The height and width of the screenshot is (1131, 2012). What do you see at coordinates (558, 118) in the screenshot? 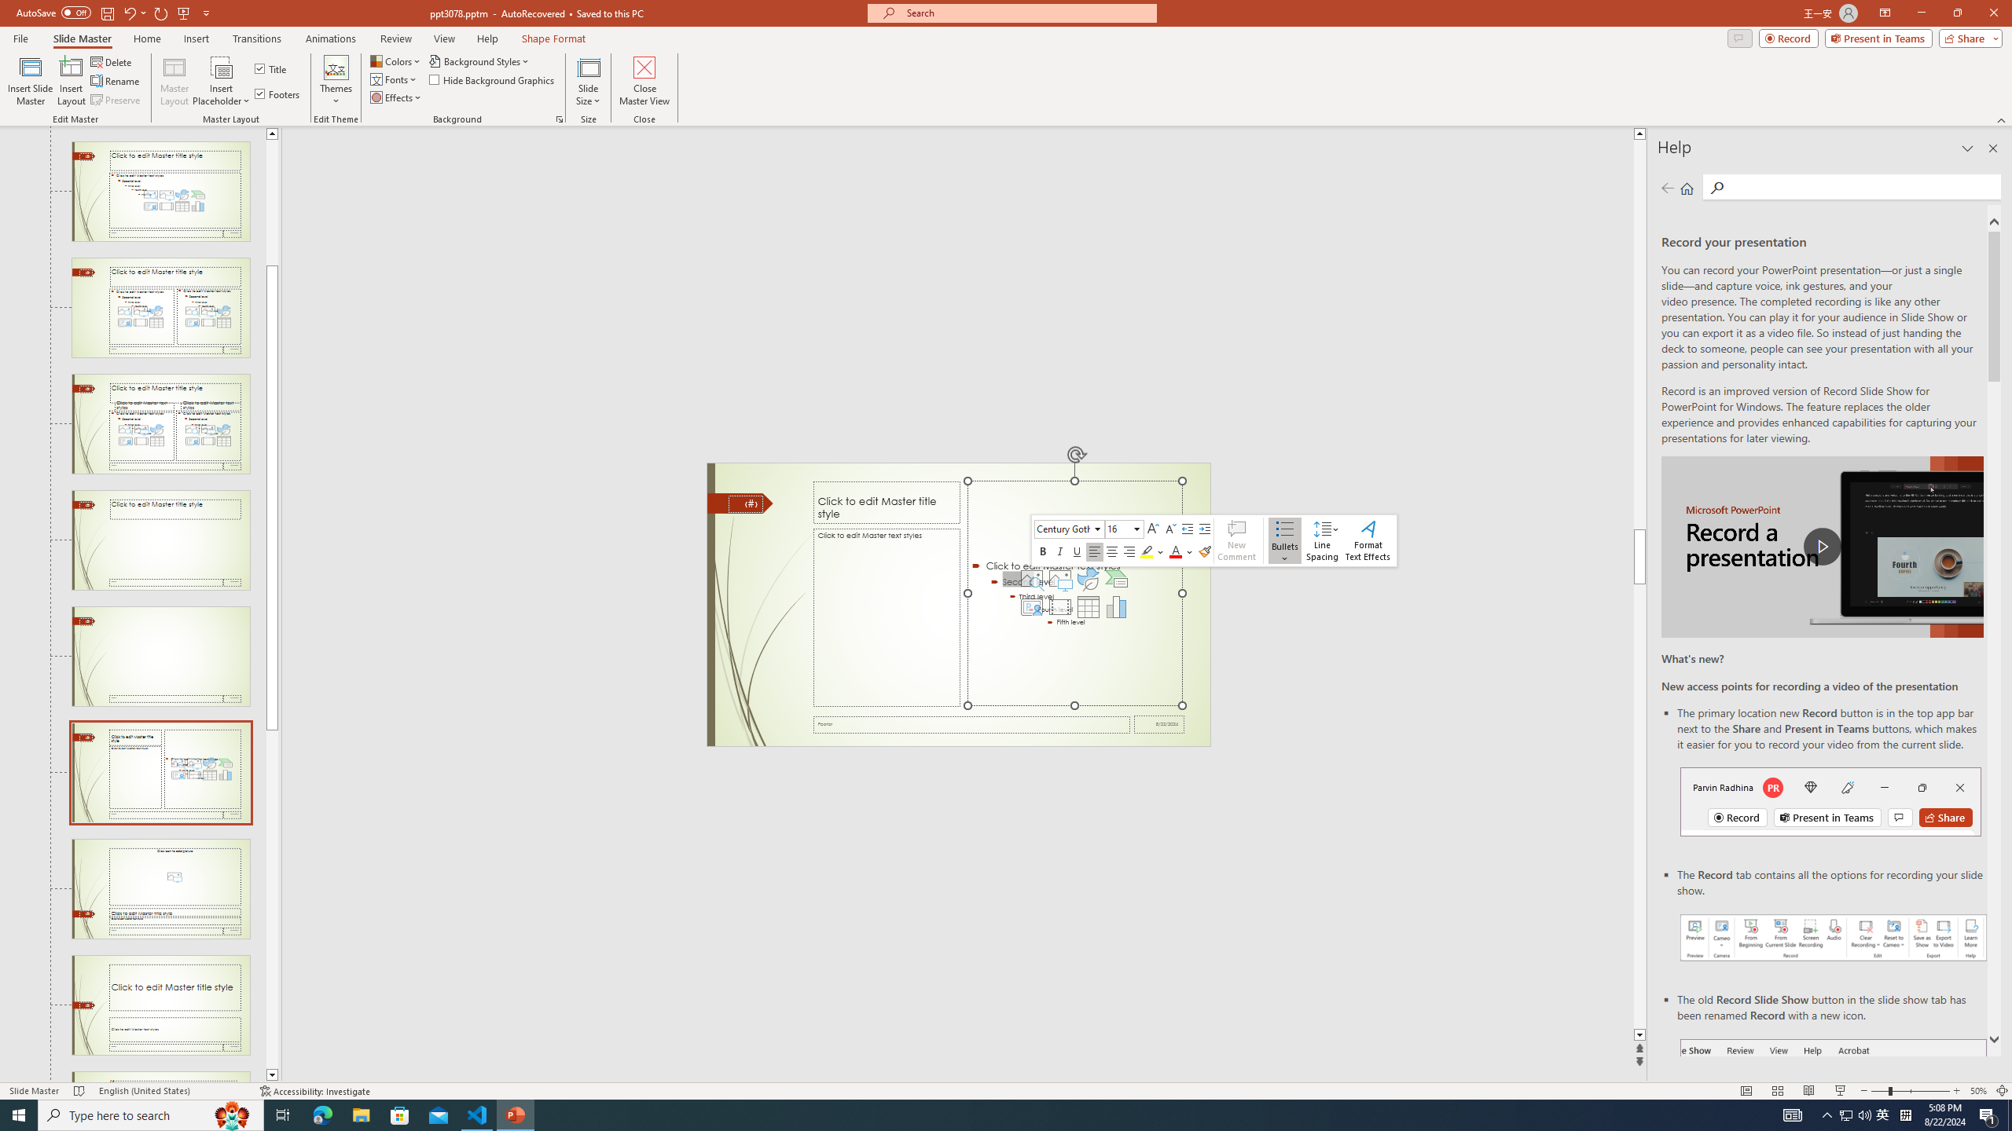
I see `'Format Background...'` at bounding box center [558, 118].